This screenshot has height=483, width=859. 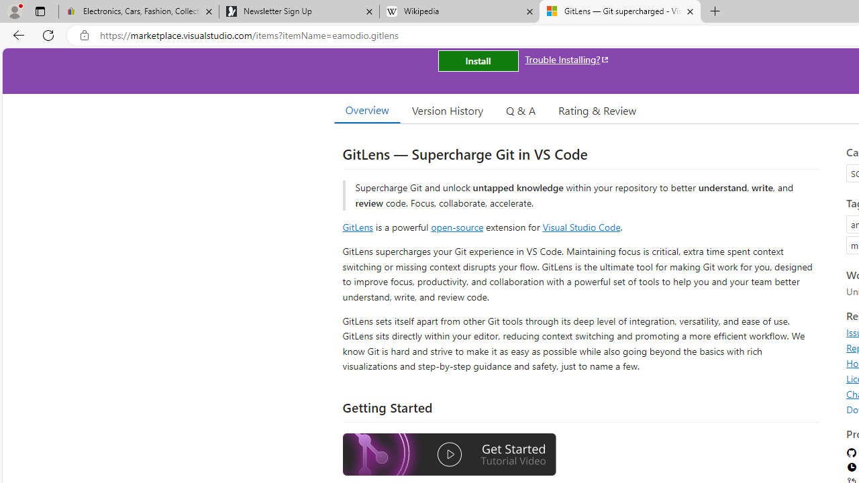 What do you see at coordinates (715, 11) in the screenshot?
I see `'New Tab'` at bounding box center [715, 11].